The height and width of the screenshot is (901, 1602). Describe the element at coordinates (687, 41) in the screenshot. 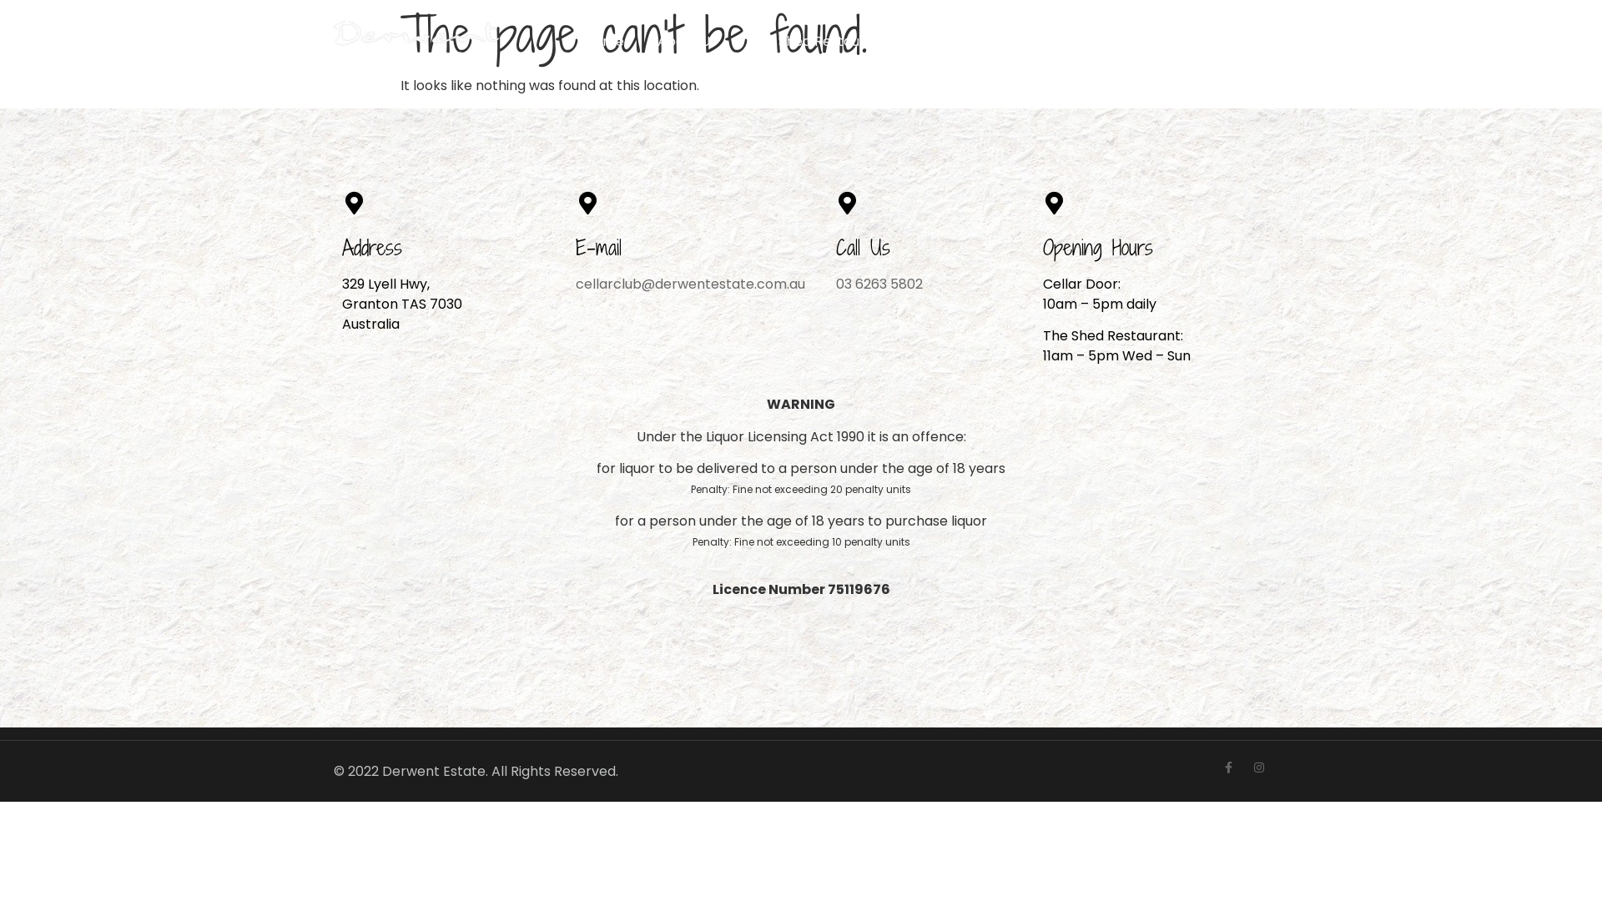

I see `'About Us'` at that location.